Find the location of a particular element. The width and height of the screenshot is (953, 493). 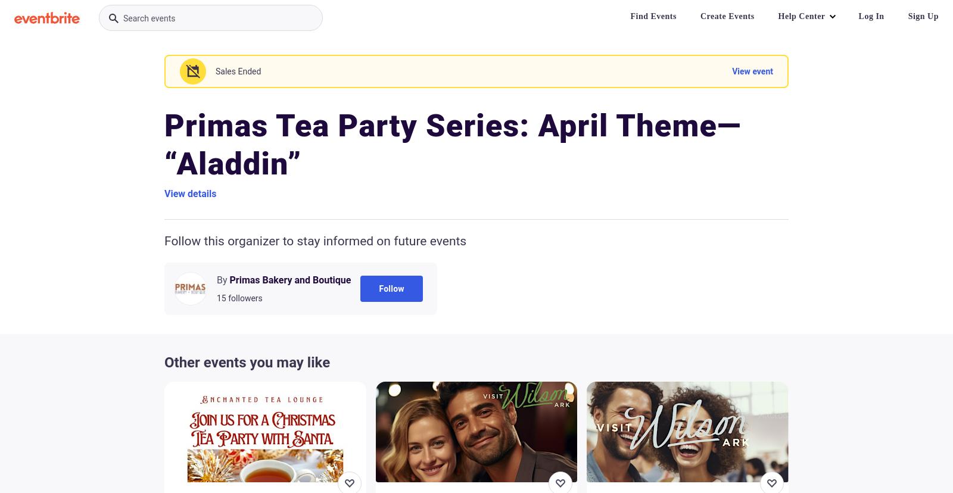

'Sales Ended' is located at coordinates (238, 70).